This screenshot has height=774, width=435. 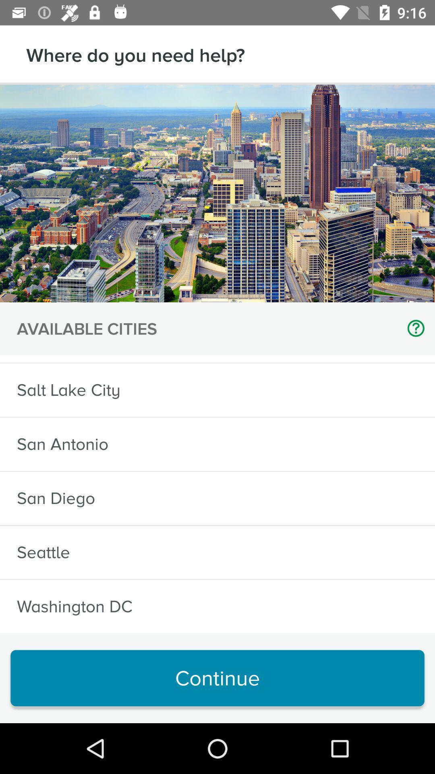 What do you see at coordinates (412, 329) in the screenshot?
I see `the item next to the available cities` at bounding box center [412, 329].